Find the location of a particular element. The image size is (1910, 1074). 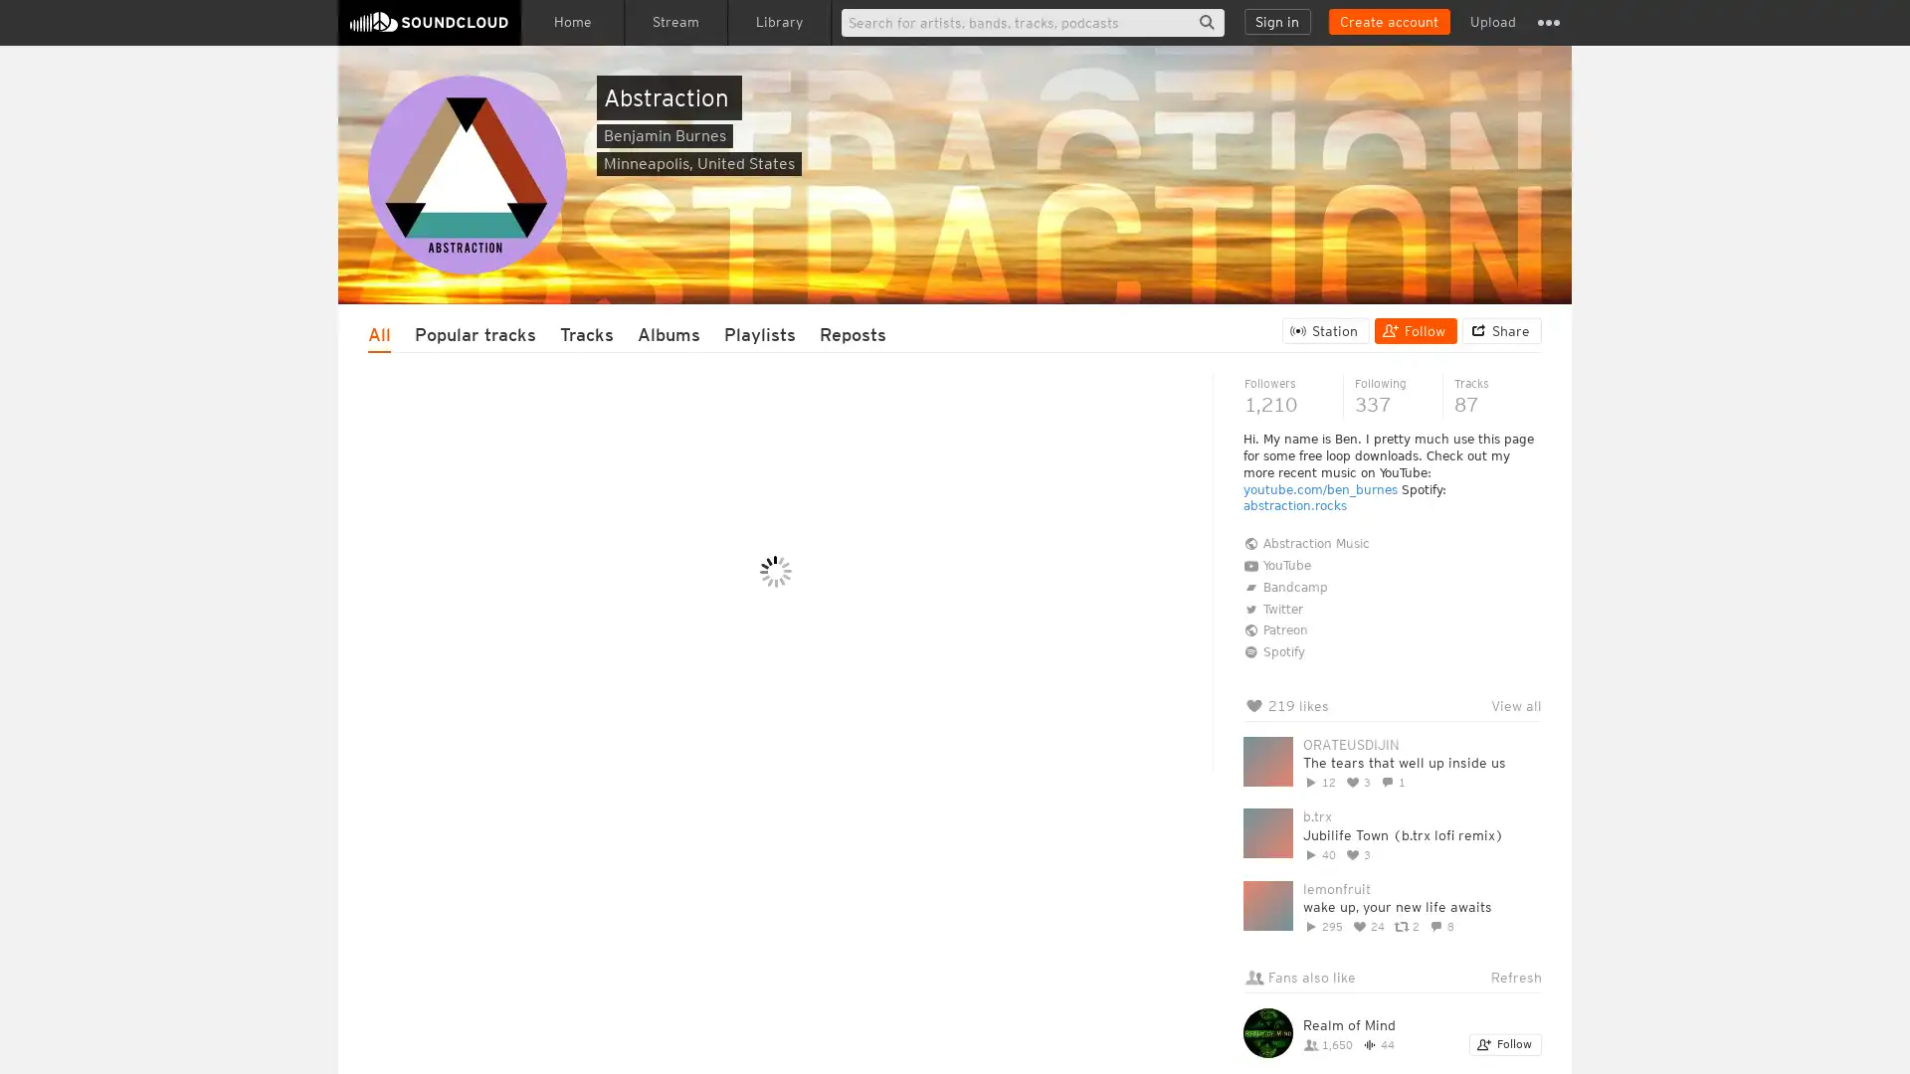

Copy Link is located at coordinates (762, 999).